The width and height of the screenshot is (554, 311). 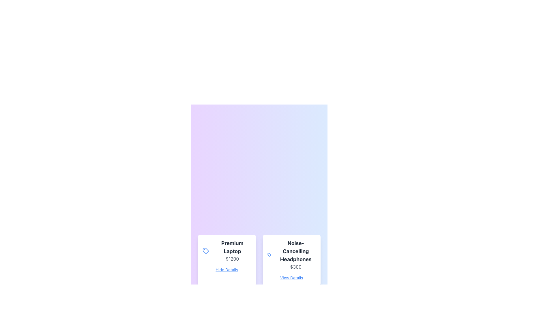 I want to click on the hyperlink styled interactive text located at the bottom of the product details card for 'Premium Laptop' to hide the additional product details, so click(x=227, y=270).